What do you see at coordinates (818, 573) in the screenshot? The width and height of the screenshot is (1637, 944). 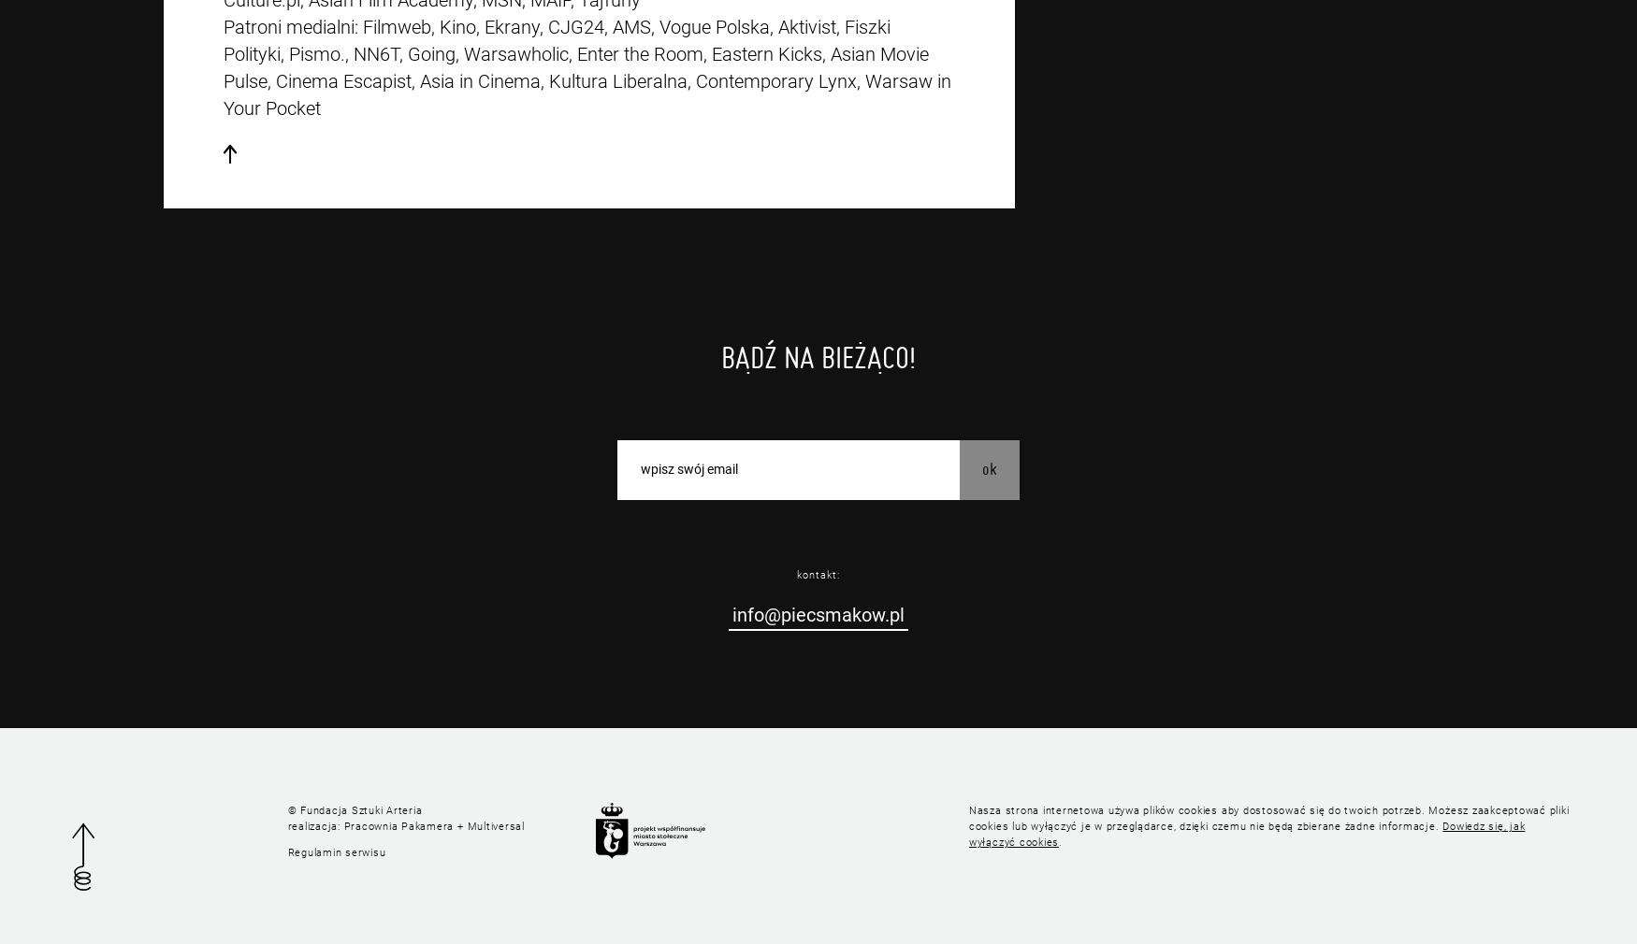 I see `'kontakt:'` at bounding box center [818, 573].